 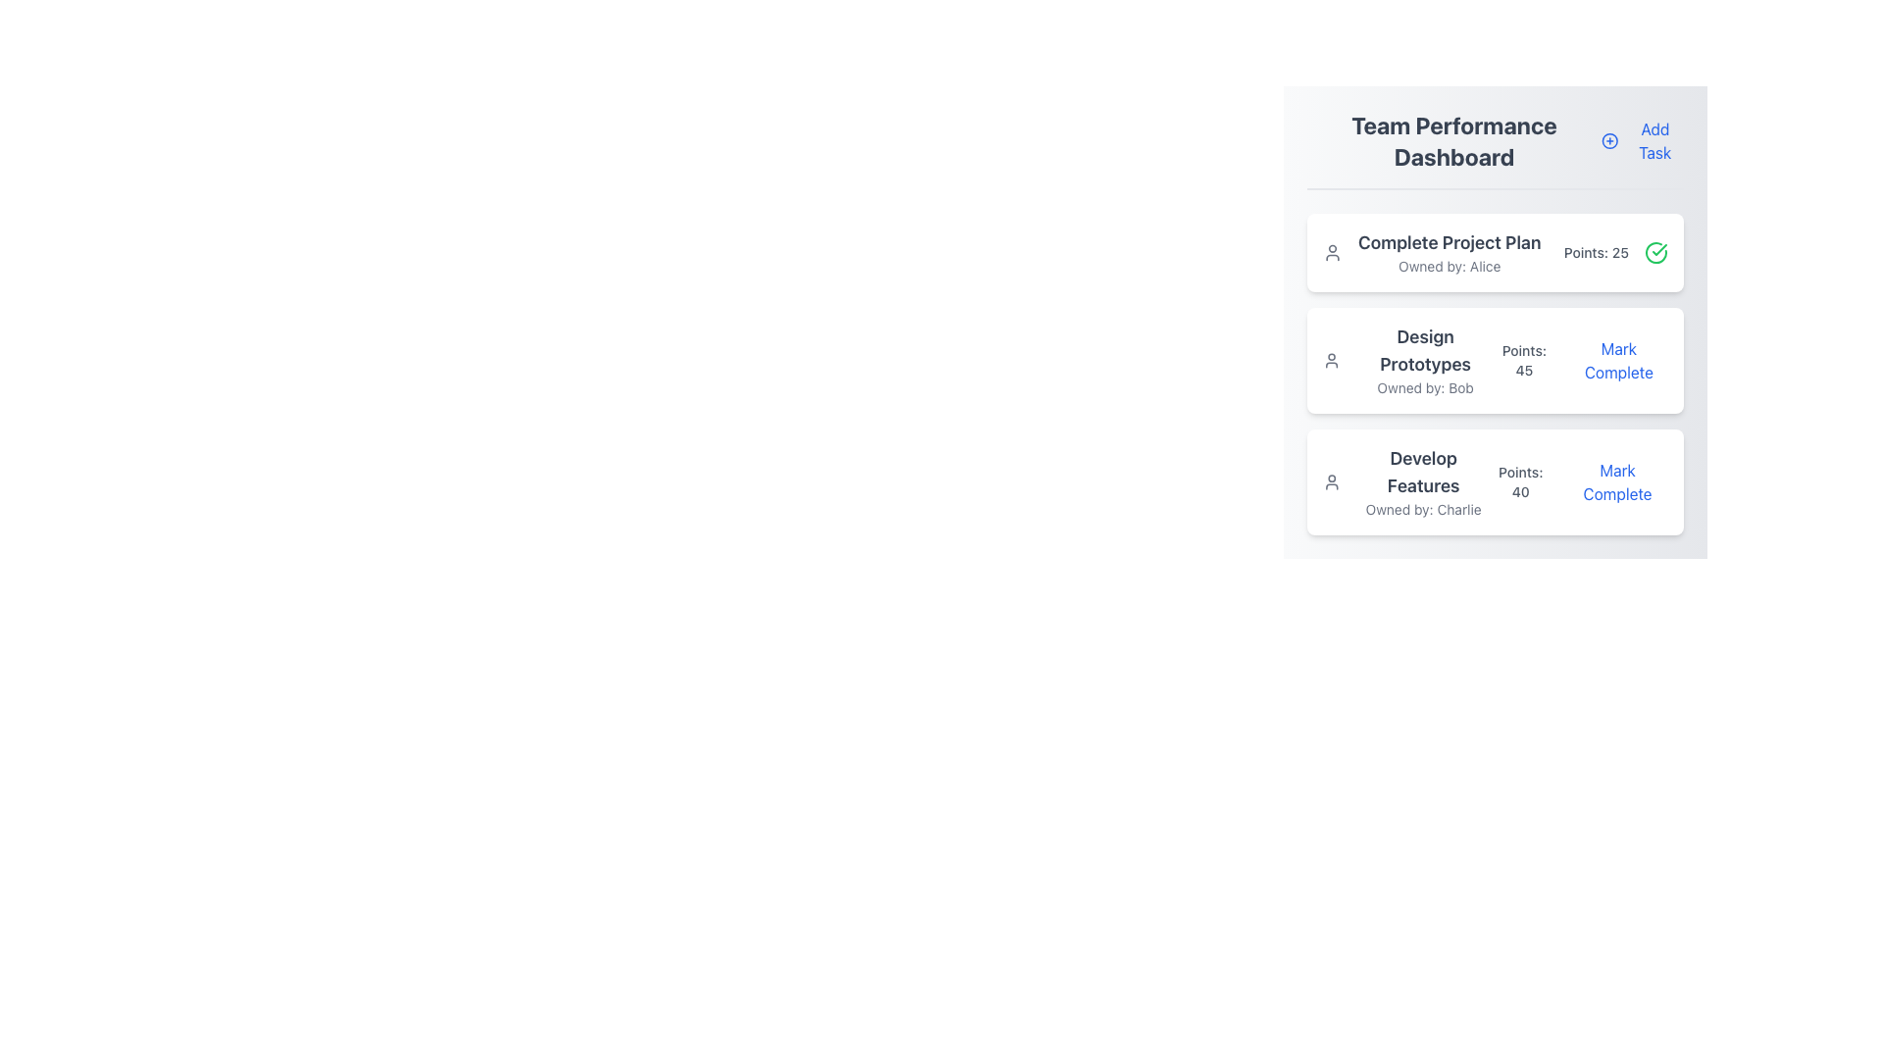 What do you see at coordinates (1617, 482) in the screenshot?
I see `the button to mark the task 'Develop Features' as complete, located to the right of the 'Points: 40' text` at bounding box center [1617, 482].